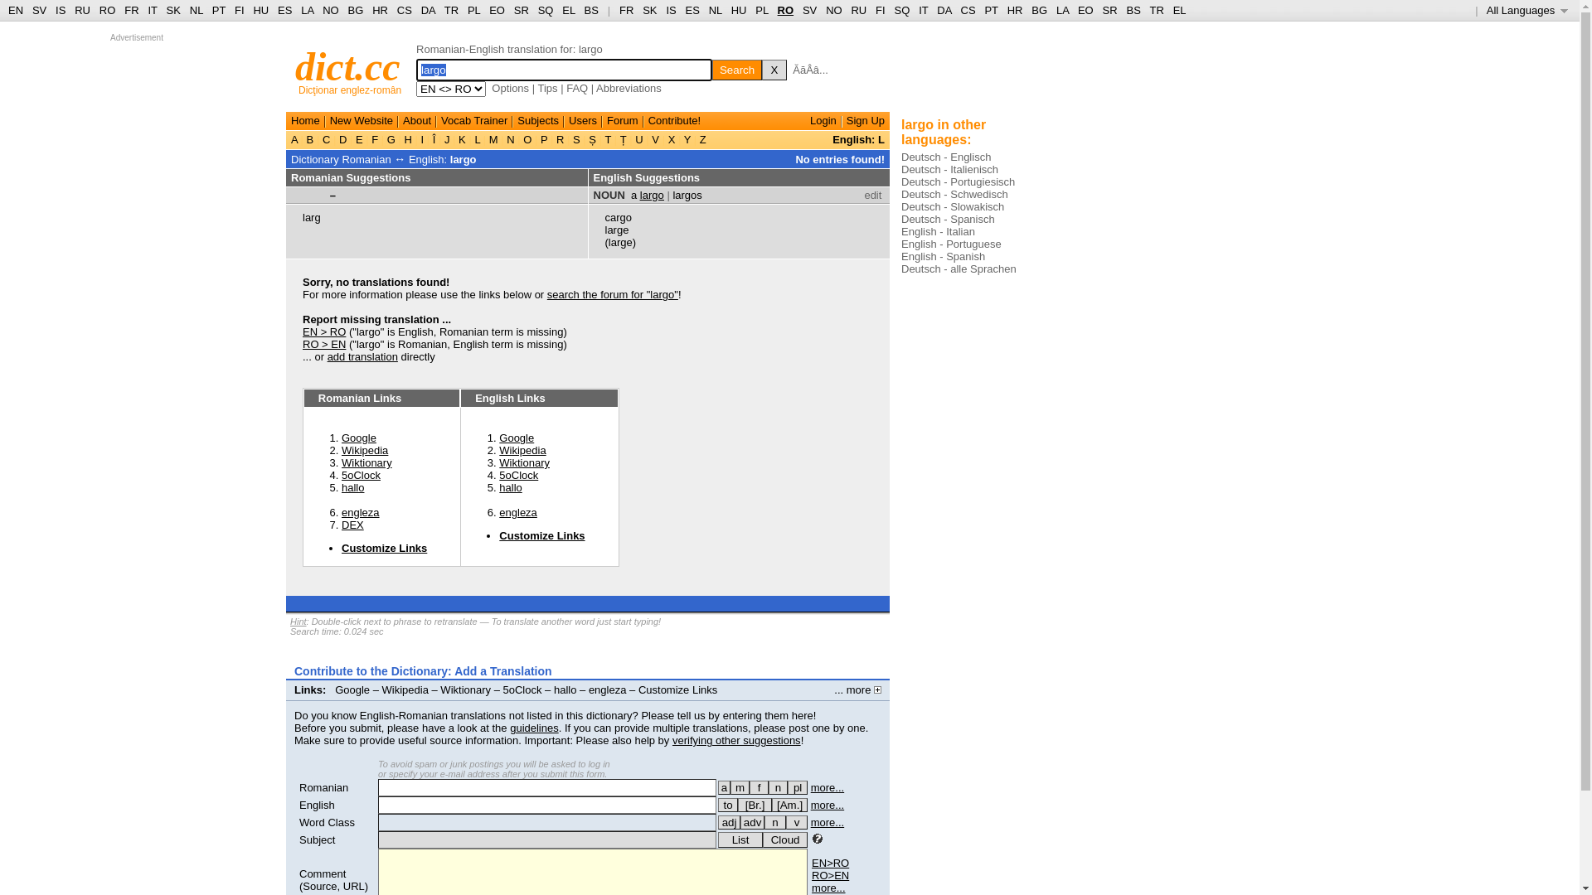  I want to click on 'largos', so click(687, 194).